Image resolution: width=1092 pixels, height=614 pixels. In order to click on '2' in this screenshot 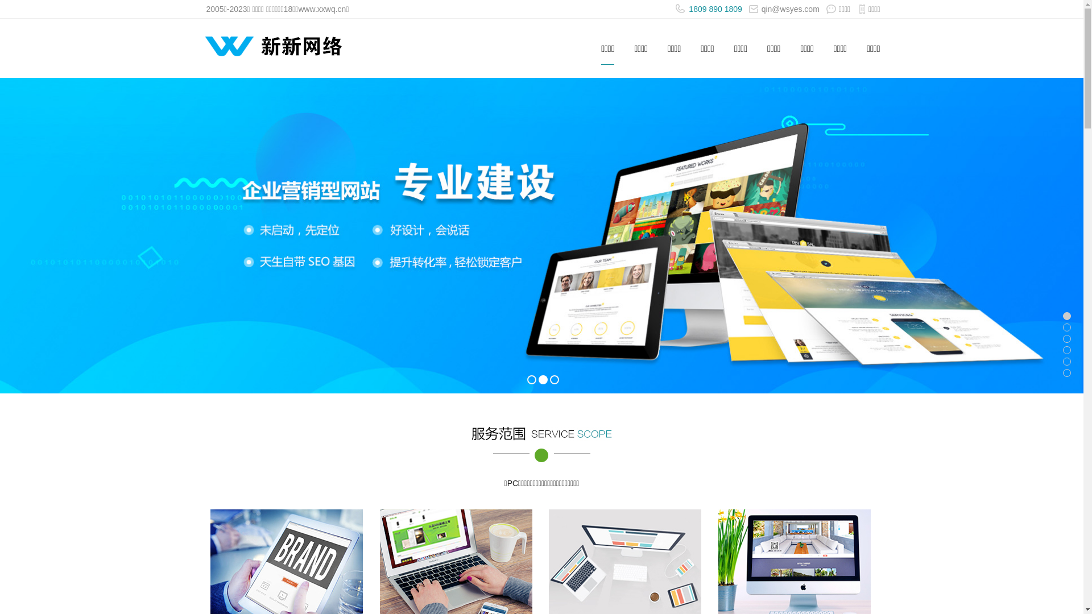, I will do `click(542, 379)`.